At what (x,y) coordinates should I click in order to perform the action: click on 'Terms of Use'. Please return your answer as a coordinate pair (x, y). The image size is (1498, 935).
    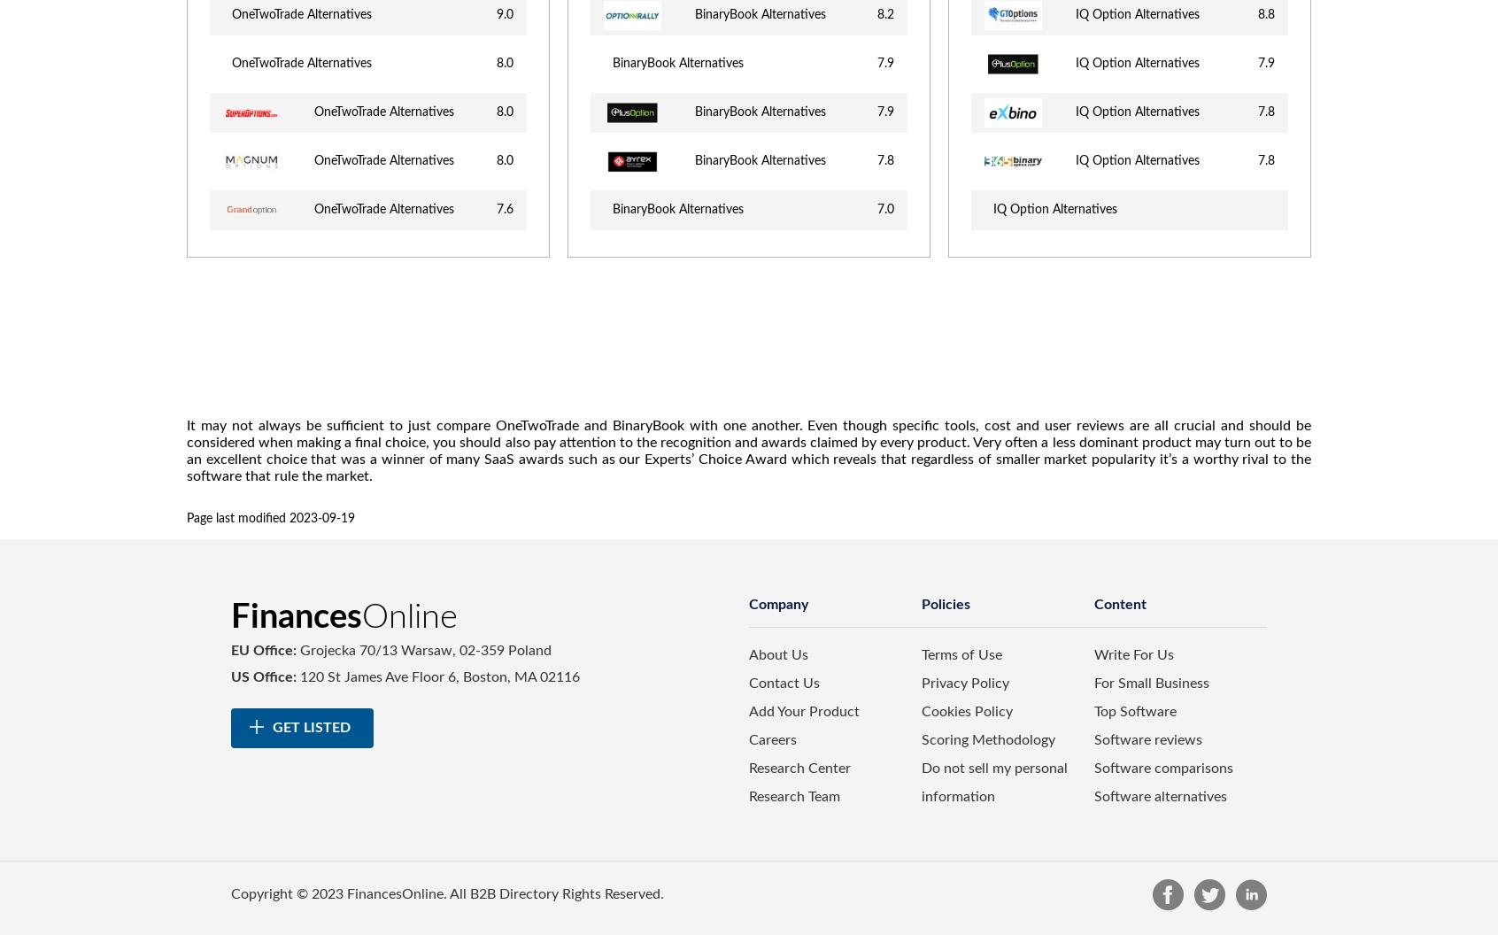
    Looking at the image, I should click on (961, 654).